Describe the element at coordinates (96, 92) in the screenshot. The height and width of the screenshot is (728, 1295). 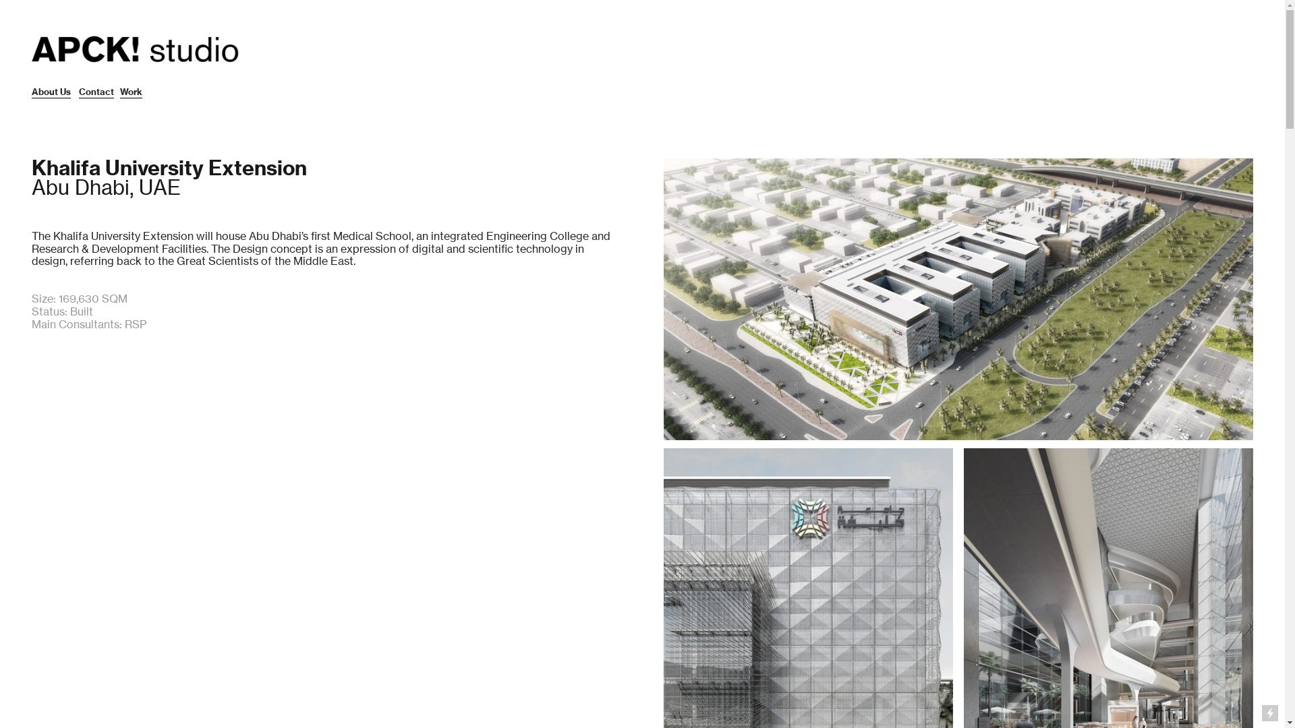
I see `'Contact'` at that location.